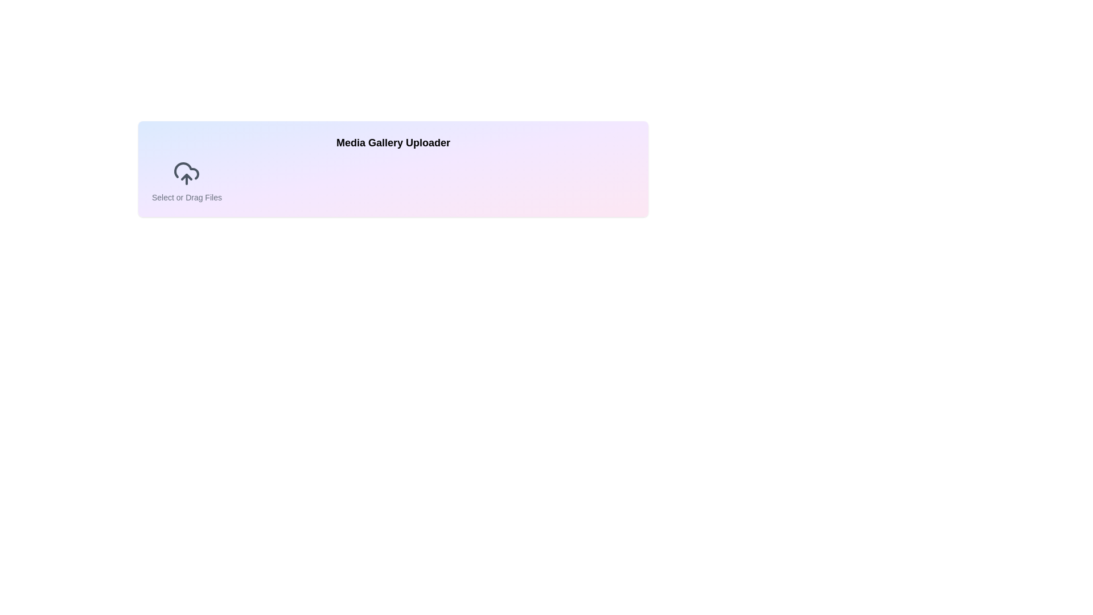 The image size is (1093, 615). I want to click on the upload icon, which is part of the SVG graphic in the media uploader interface, located below the main cloud outline, so click(187, 177).